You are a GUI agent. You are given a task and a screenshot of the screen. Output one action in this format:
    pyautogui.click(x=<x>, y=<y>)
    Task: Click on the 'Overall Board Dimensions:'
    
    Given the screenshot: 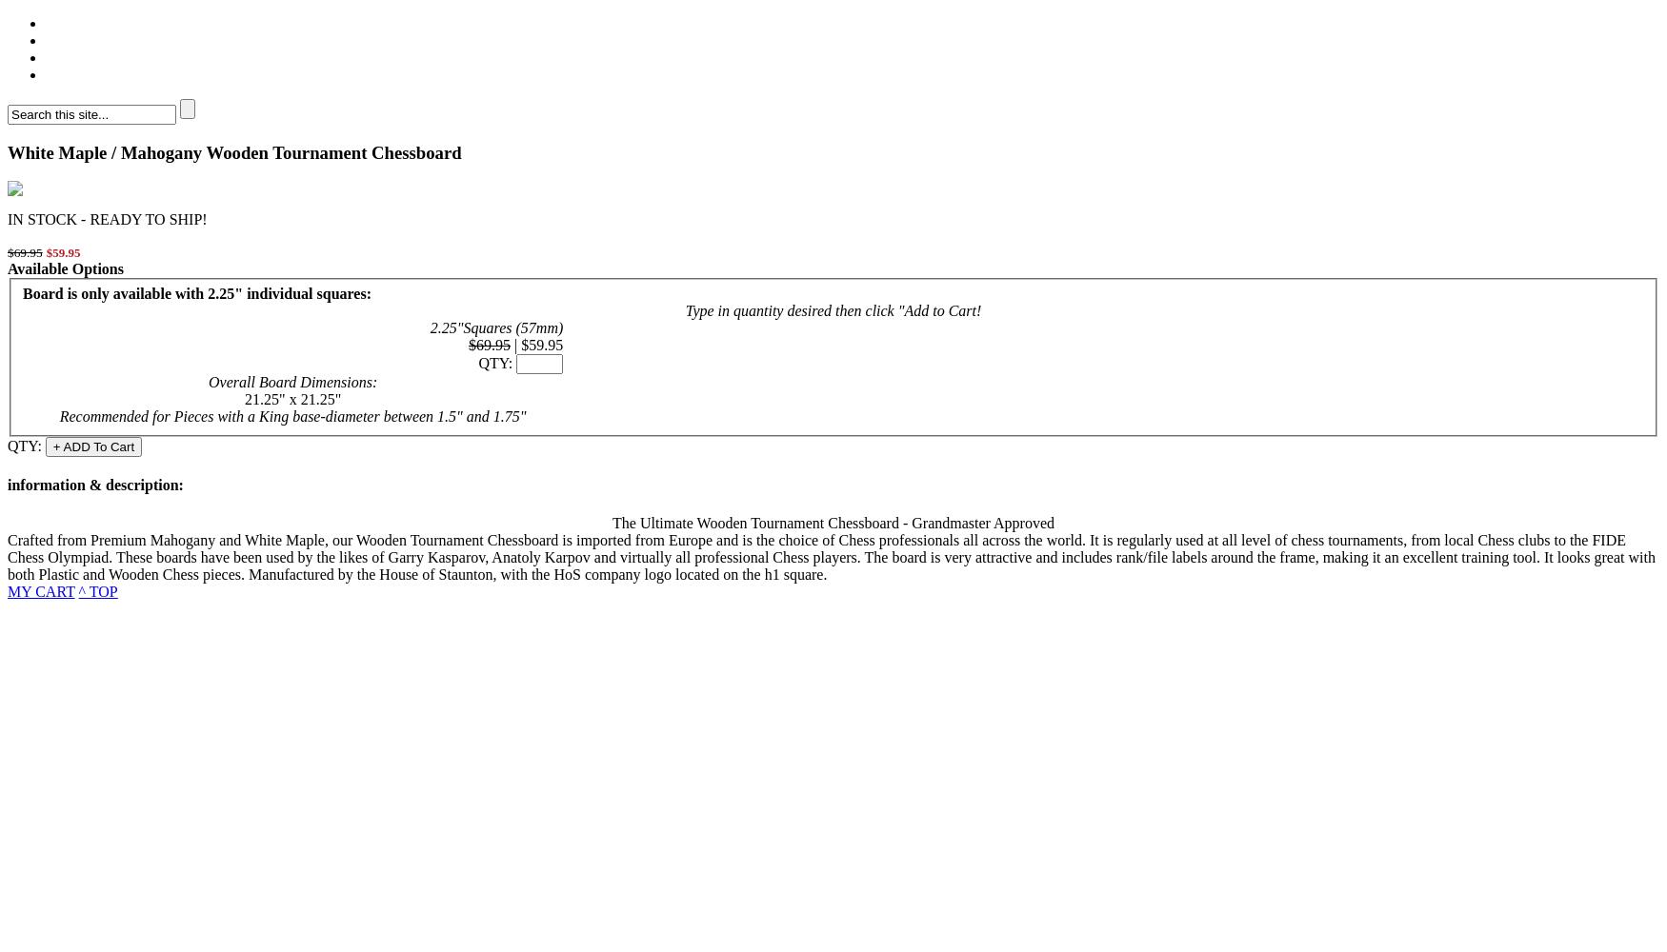 What is the action you would take?
    pyautogui.click(x=291, y=382)
    